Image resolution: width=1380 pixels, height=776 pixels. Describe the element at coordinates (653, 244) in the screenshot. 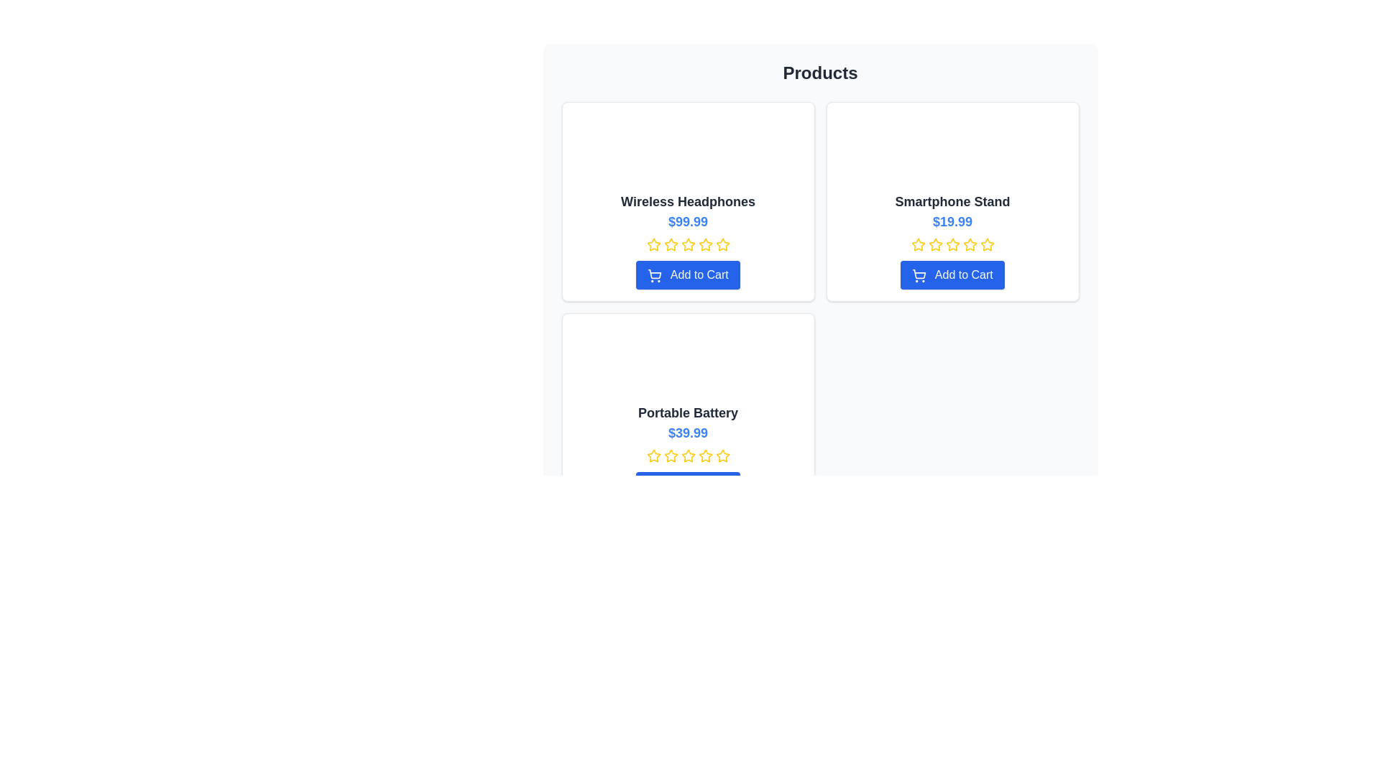

I see `the appearance of the first rating star icon located beneath the 'Wireless Headphones' title and price in the first product card` at that location.